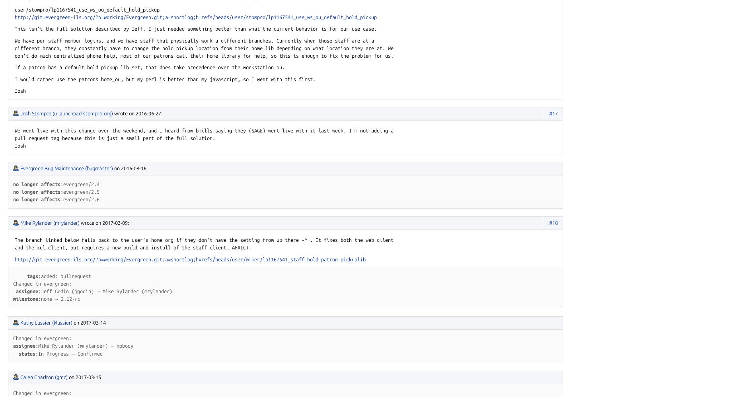 The width and height of the screenshot is (756, 397). What do you see at coordinates (66, 113) in the screenshot?
I see `'Josh Stompro (u-launchpad-stompro-org)'` at bounding box center [66, 113].